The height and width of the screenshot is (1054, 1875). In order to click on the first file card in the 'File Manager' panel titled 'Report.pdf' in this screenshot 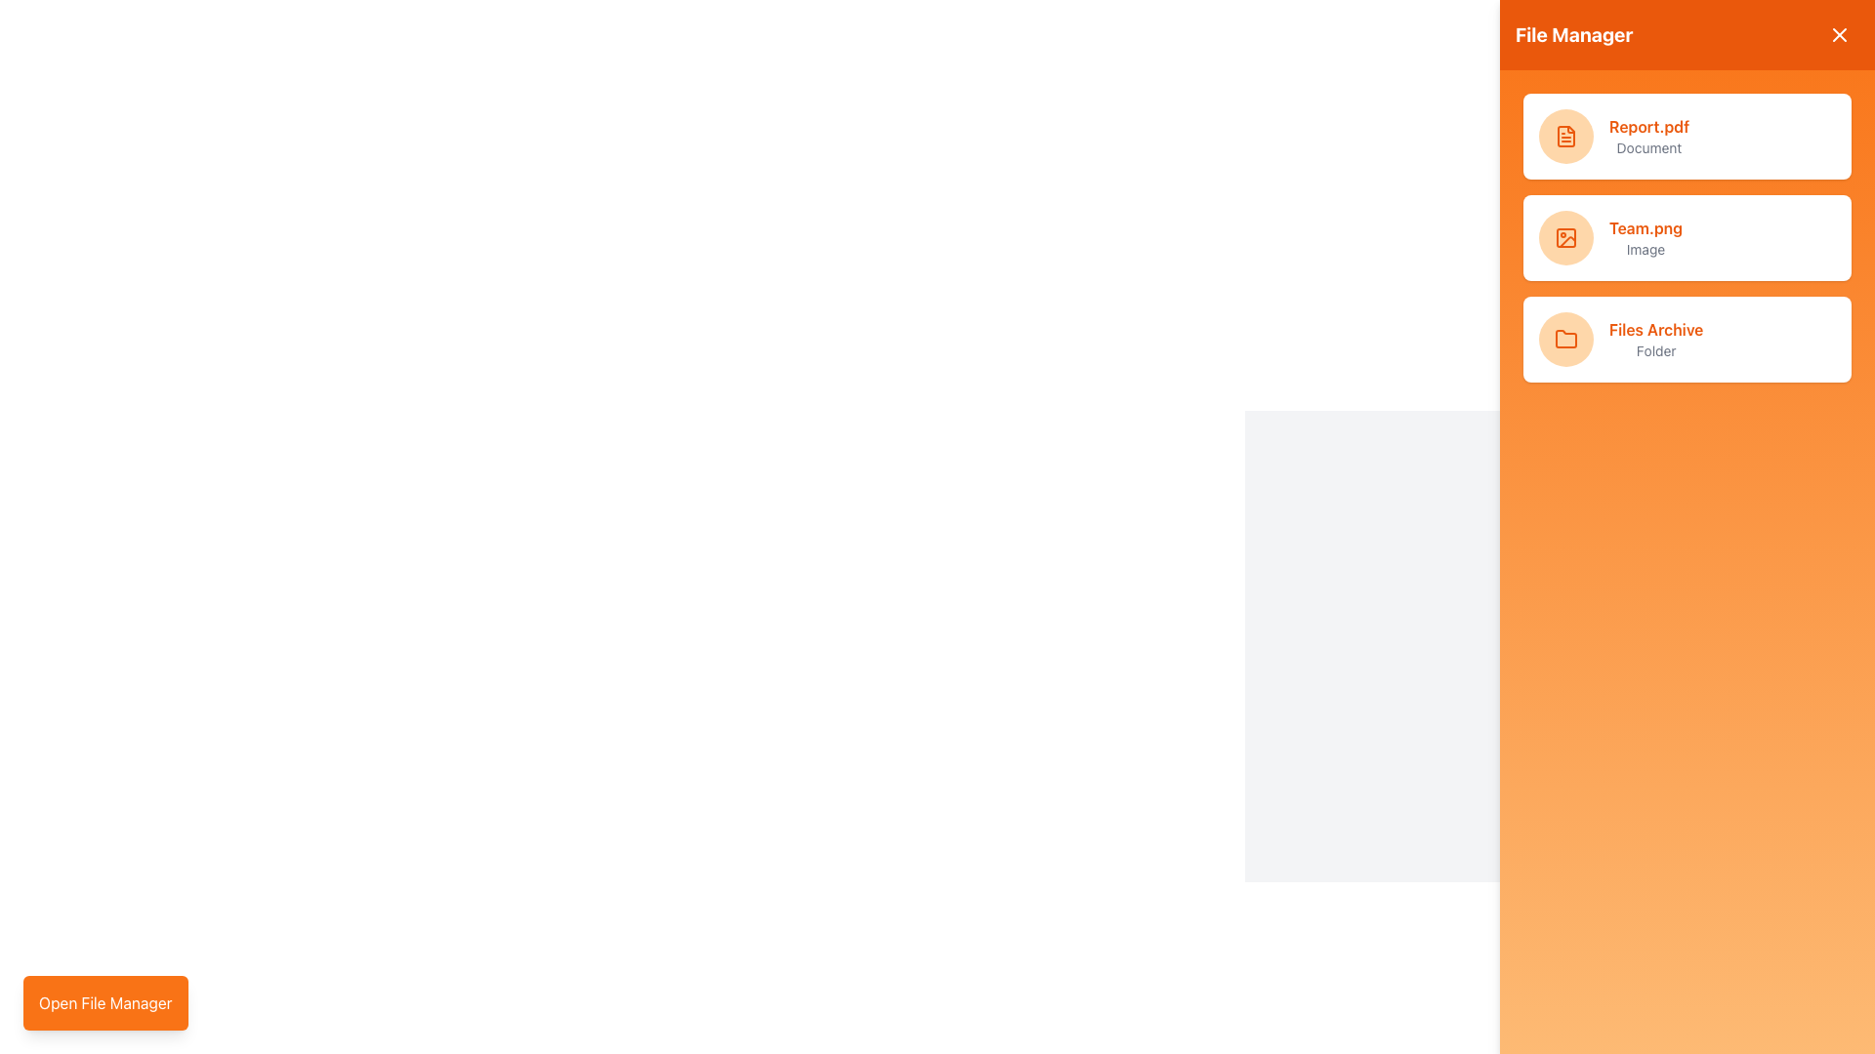, I will do `click(1687, 135)`.